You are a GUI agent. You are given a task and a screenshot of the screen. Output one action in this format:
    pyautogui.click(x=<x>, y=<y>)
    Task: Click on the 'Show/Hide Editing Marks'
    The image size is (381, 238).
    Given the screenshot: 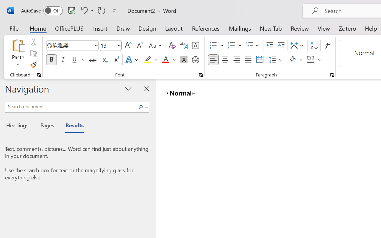 What is the action you would take?
    pyautogui.click(x=327, y=46)
    